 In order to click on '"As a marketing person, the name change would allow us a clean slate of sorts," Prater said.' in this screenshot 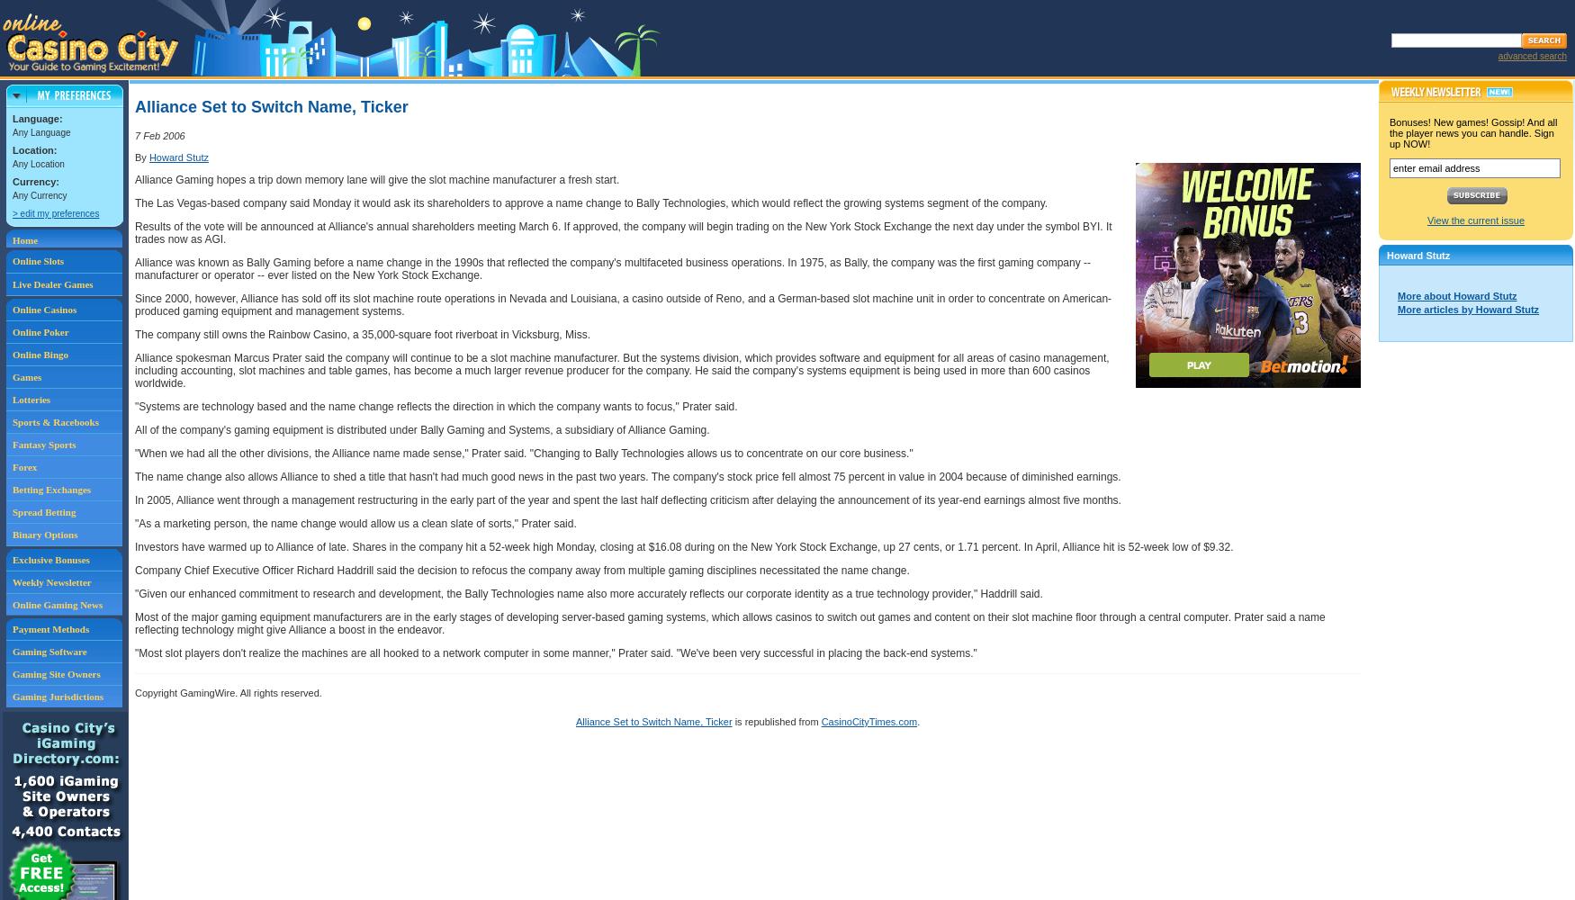, I will do `click(354, 523)`.